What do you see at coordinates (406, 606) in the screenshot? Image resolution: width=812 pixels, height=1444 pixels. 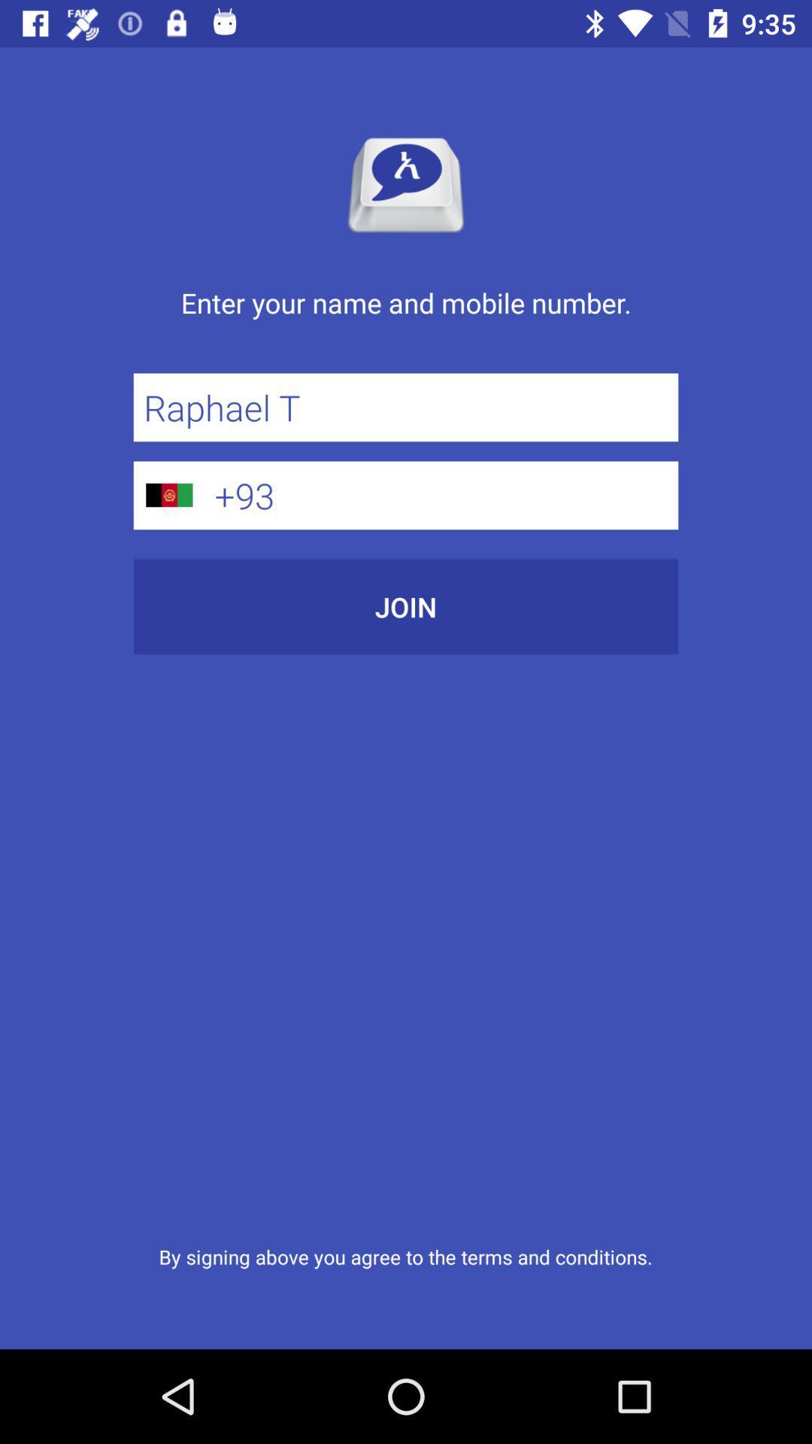 I see `icon above the by signing above icon` at bounding box center [406, 606].